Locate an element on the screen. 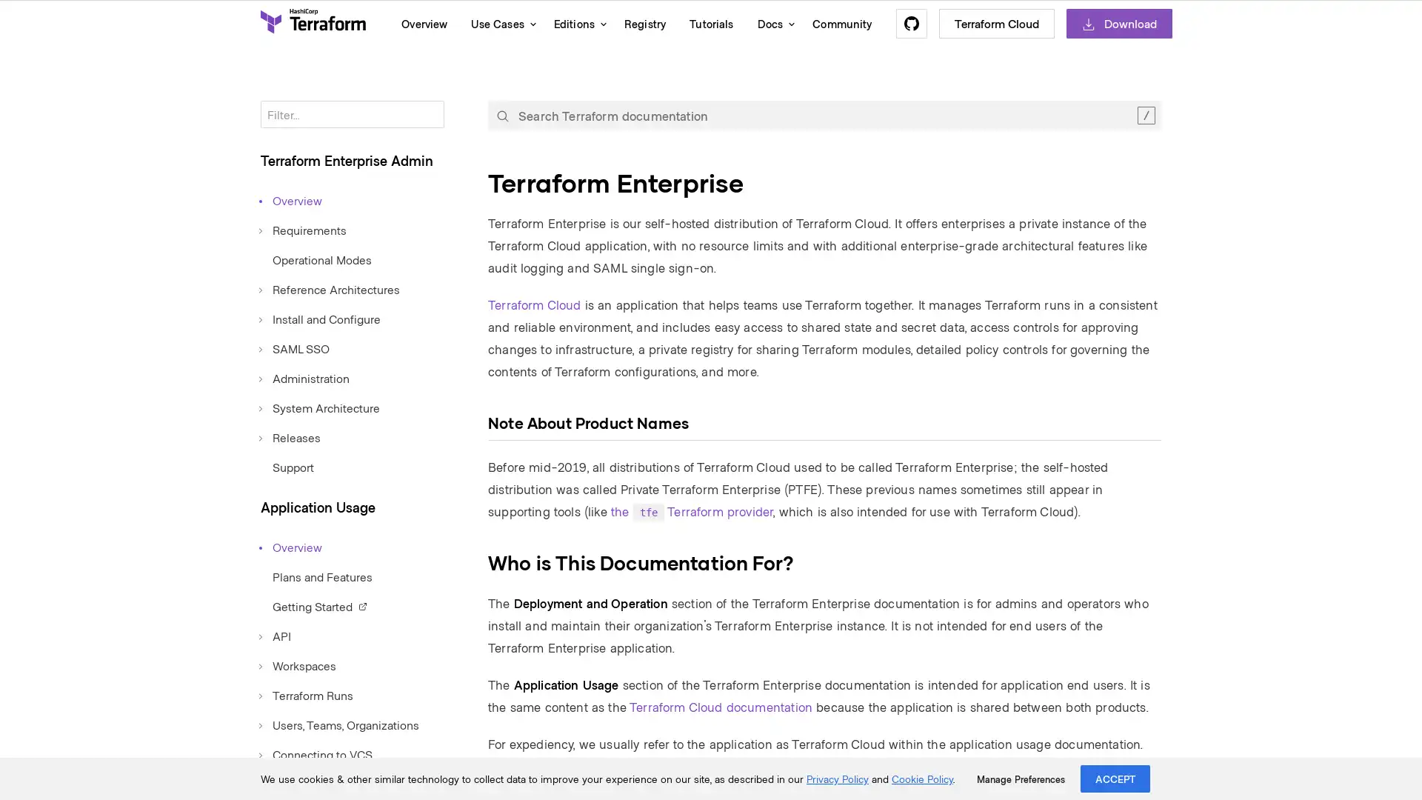 The height and width of the screenshot is (800, 1422). Private Registry is located at coordinates (307, 782).